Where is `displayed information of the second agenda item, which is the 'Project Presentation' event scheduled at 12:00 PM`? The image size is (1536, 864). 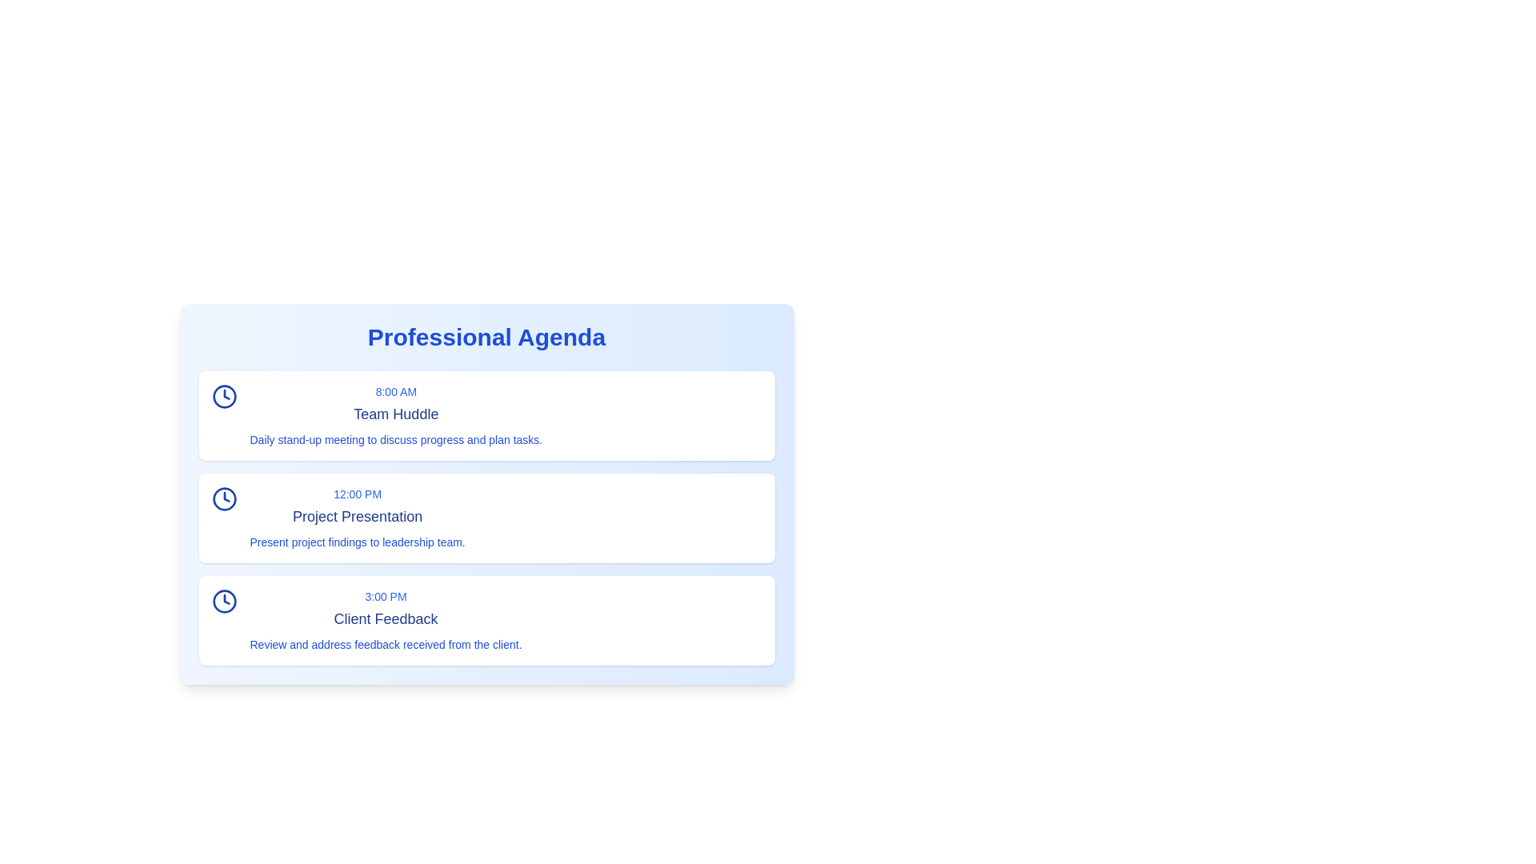
displayed information of the second agenda item, which is the 'Project Presentation' event scheduled at 12:00 PM is located at coordinates (486, 498).